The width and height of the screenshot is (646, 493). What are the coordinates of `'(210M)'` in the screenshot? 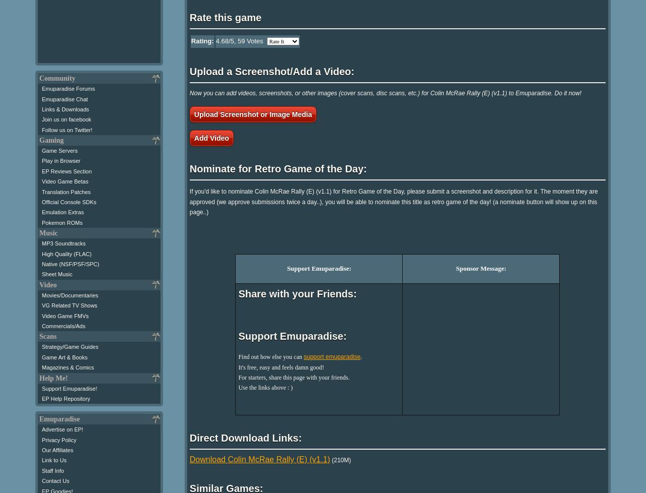 It's located at (340, 459).